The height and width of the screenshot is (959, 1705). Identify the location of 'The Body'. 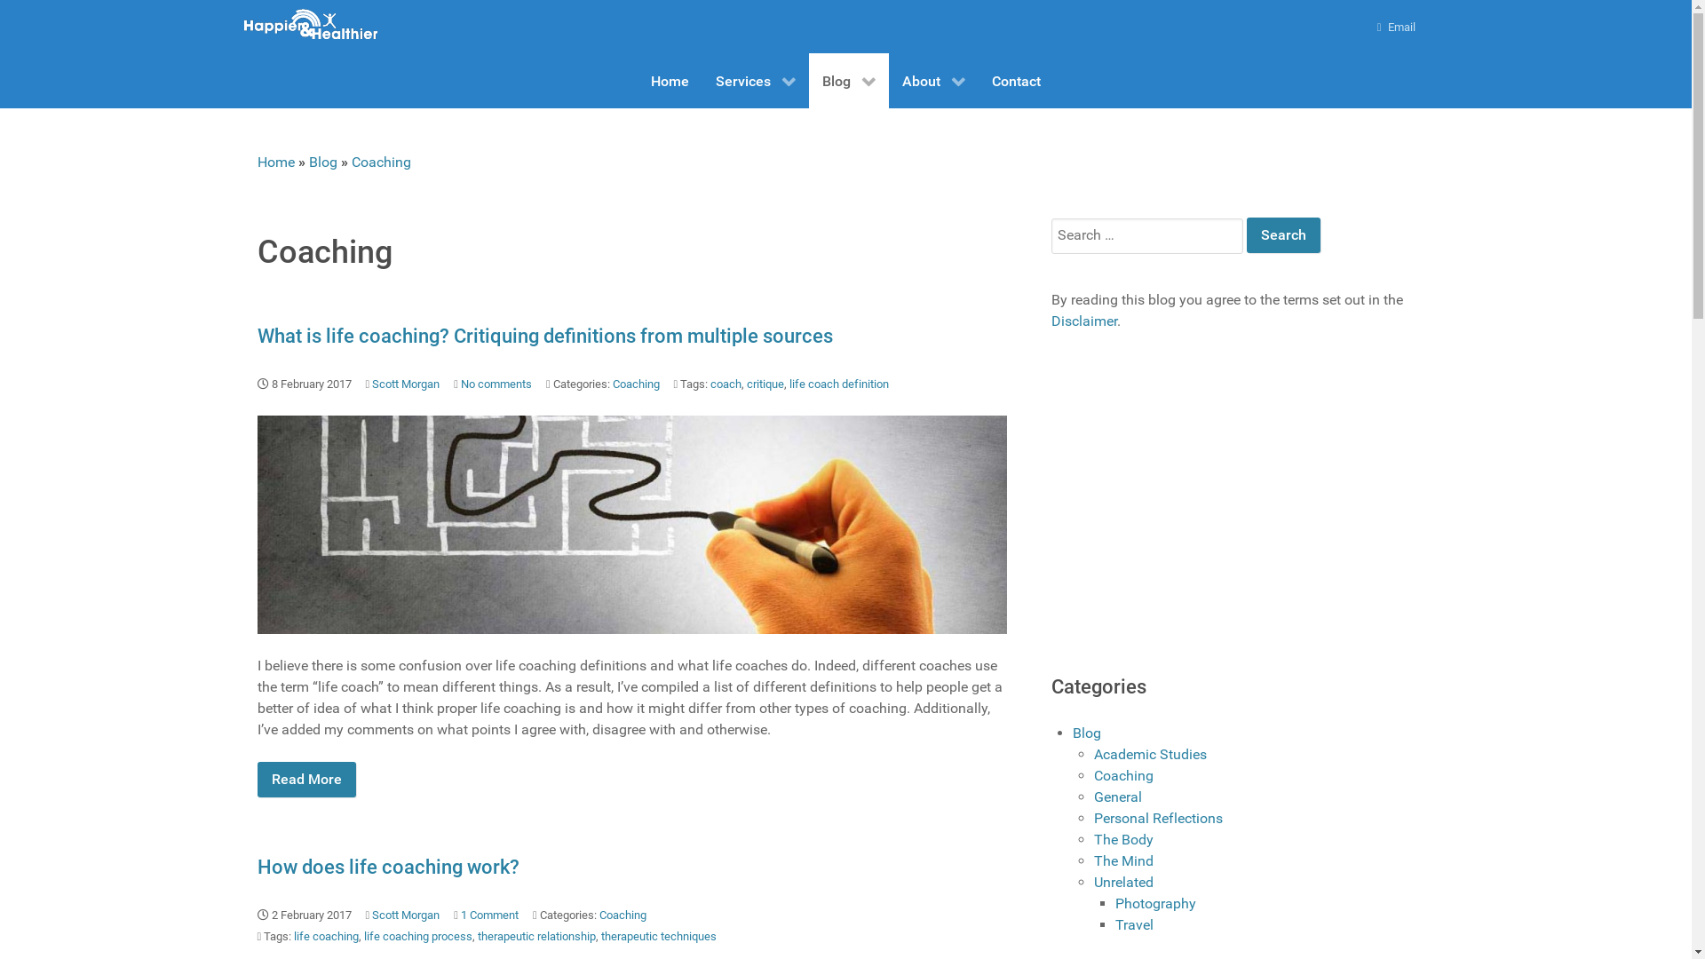
(1122, 839).